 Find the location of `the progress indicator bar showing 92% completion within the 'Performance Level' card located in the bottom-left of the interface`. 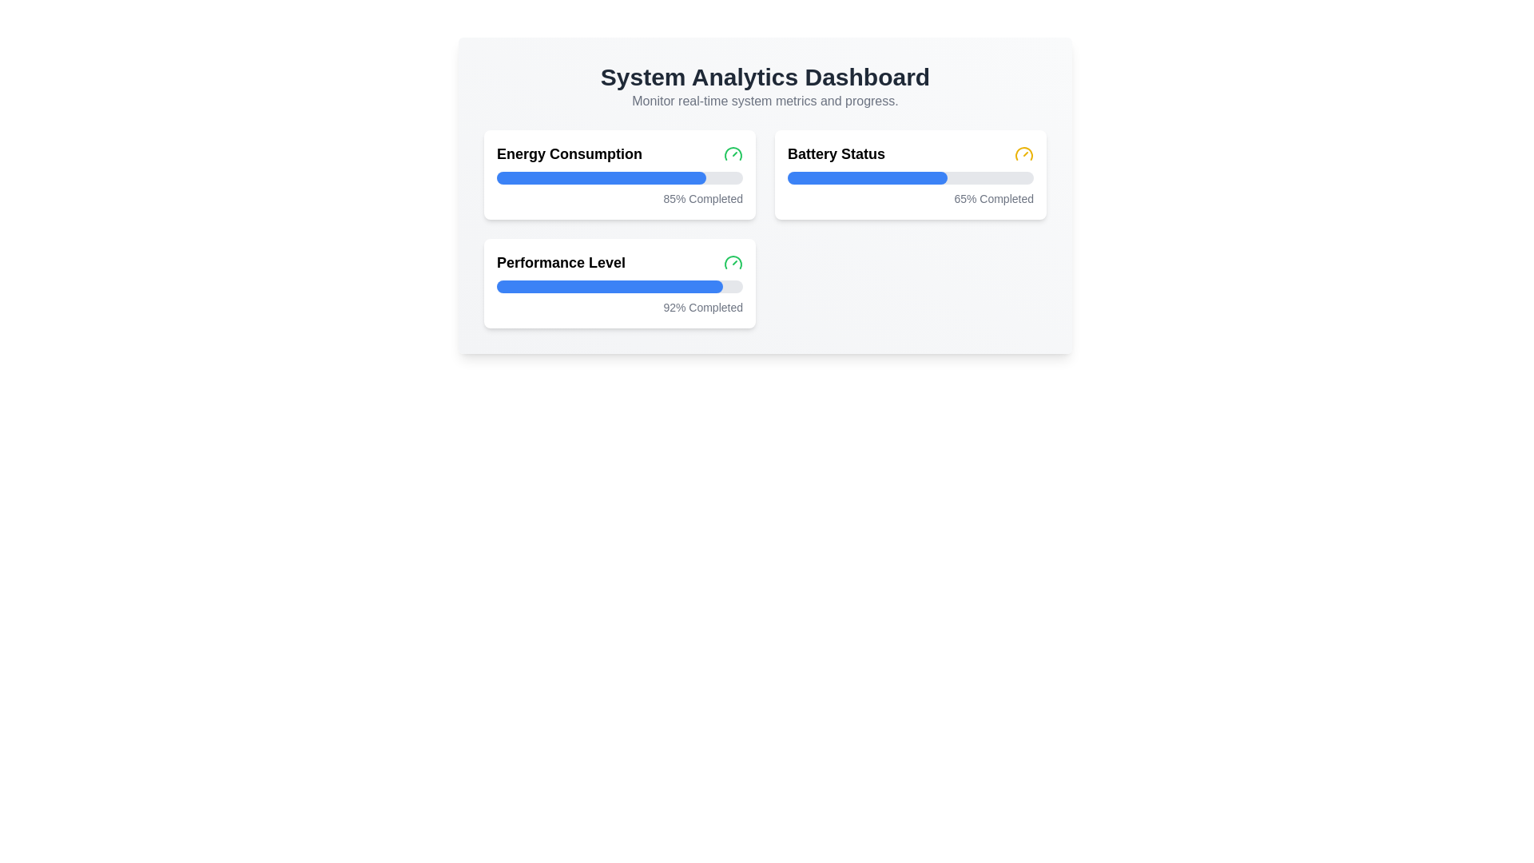

the progress indicator bar showing 92% completion within the 'Performance Level' card located in the bottom-left of the interface is located at coordinates (609, 285).